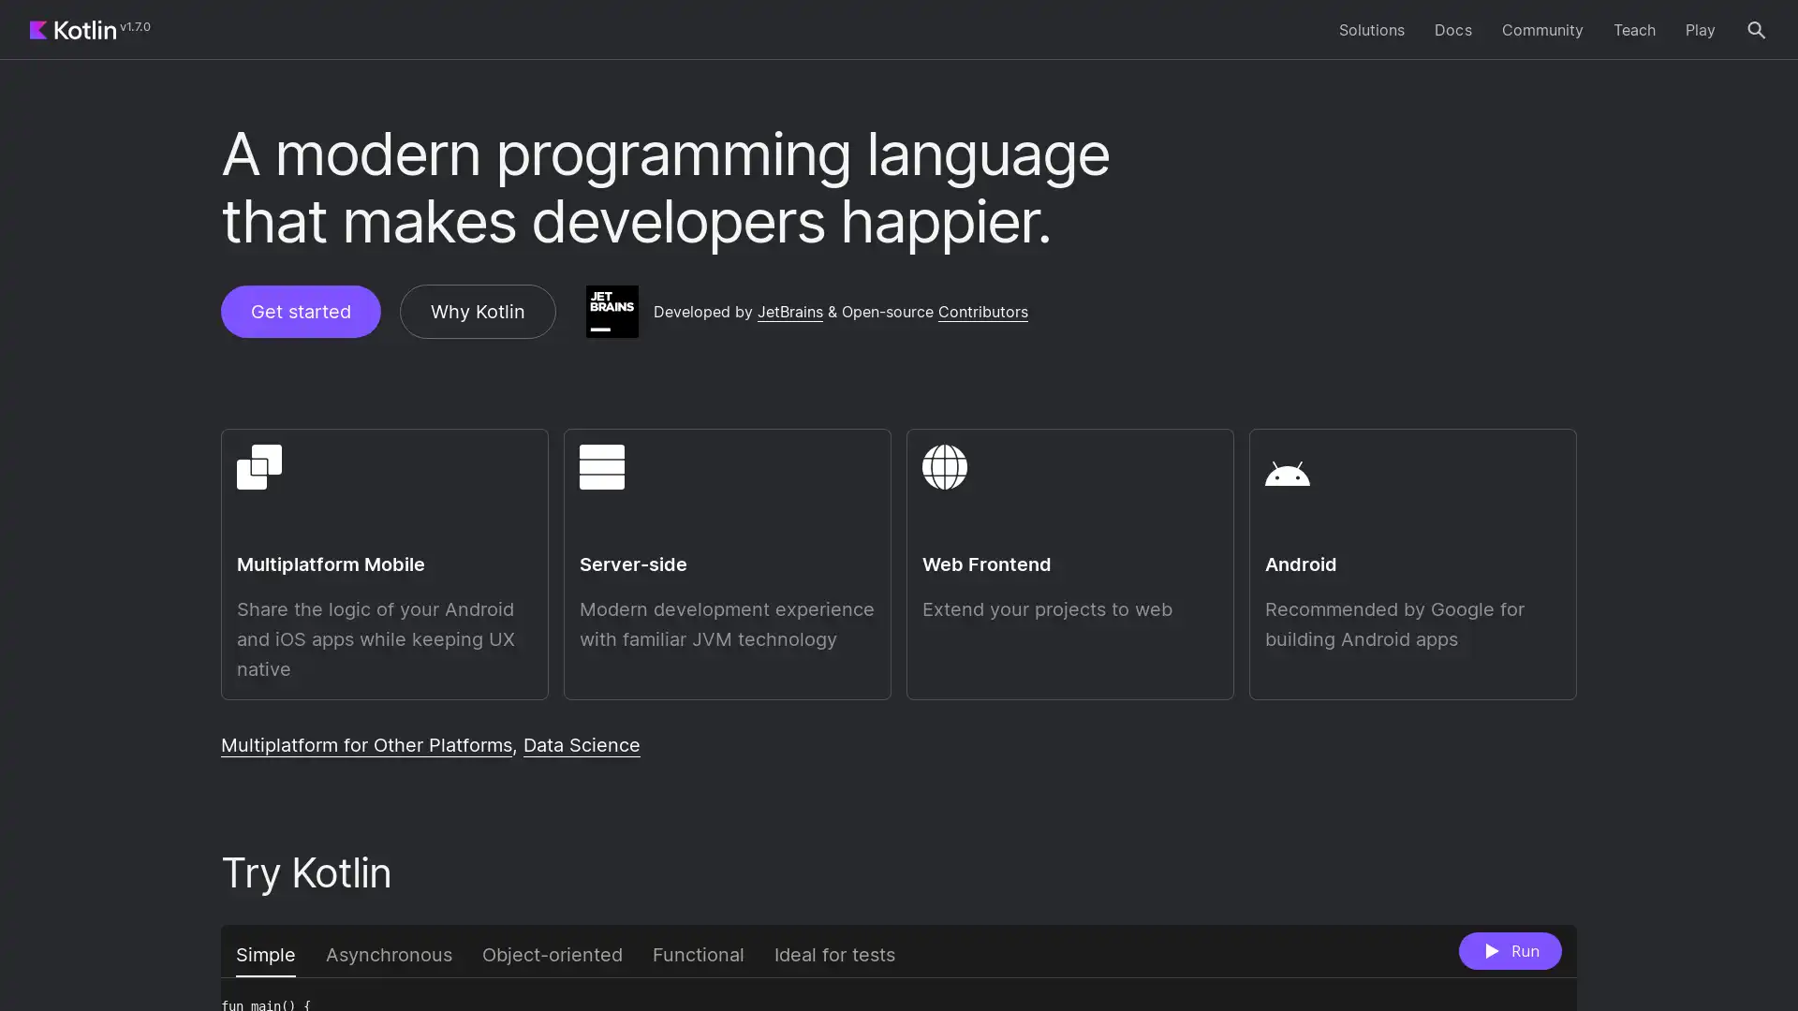 The width and height of the screenshot is (1798, 1011). I want to click on Run, so click(1510, 984).